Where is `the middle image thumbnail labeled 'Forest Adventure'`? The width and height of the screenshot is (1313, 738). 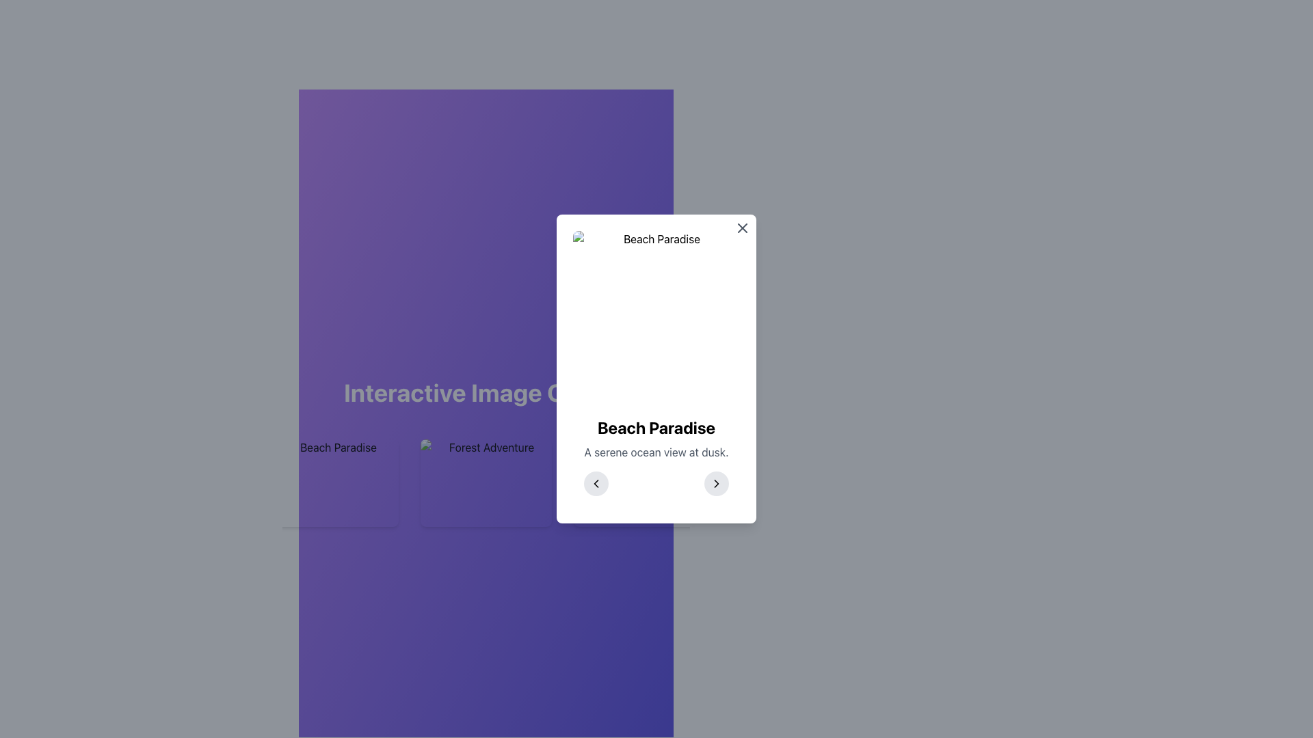
the middle image thumbnail labeled 'Forest Adventure' is located at coordinates (486, 482).